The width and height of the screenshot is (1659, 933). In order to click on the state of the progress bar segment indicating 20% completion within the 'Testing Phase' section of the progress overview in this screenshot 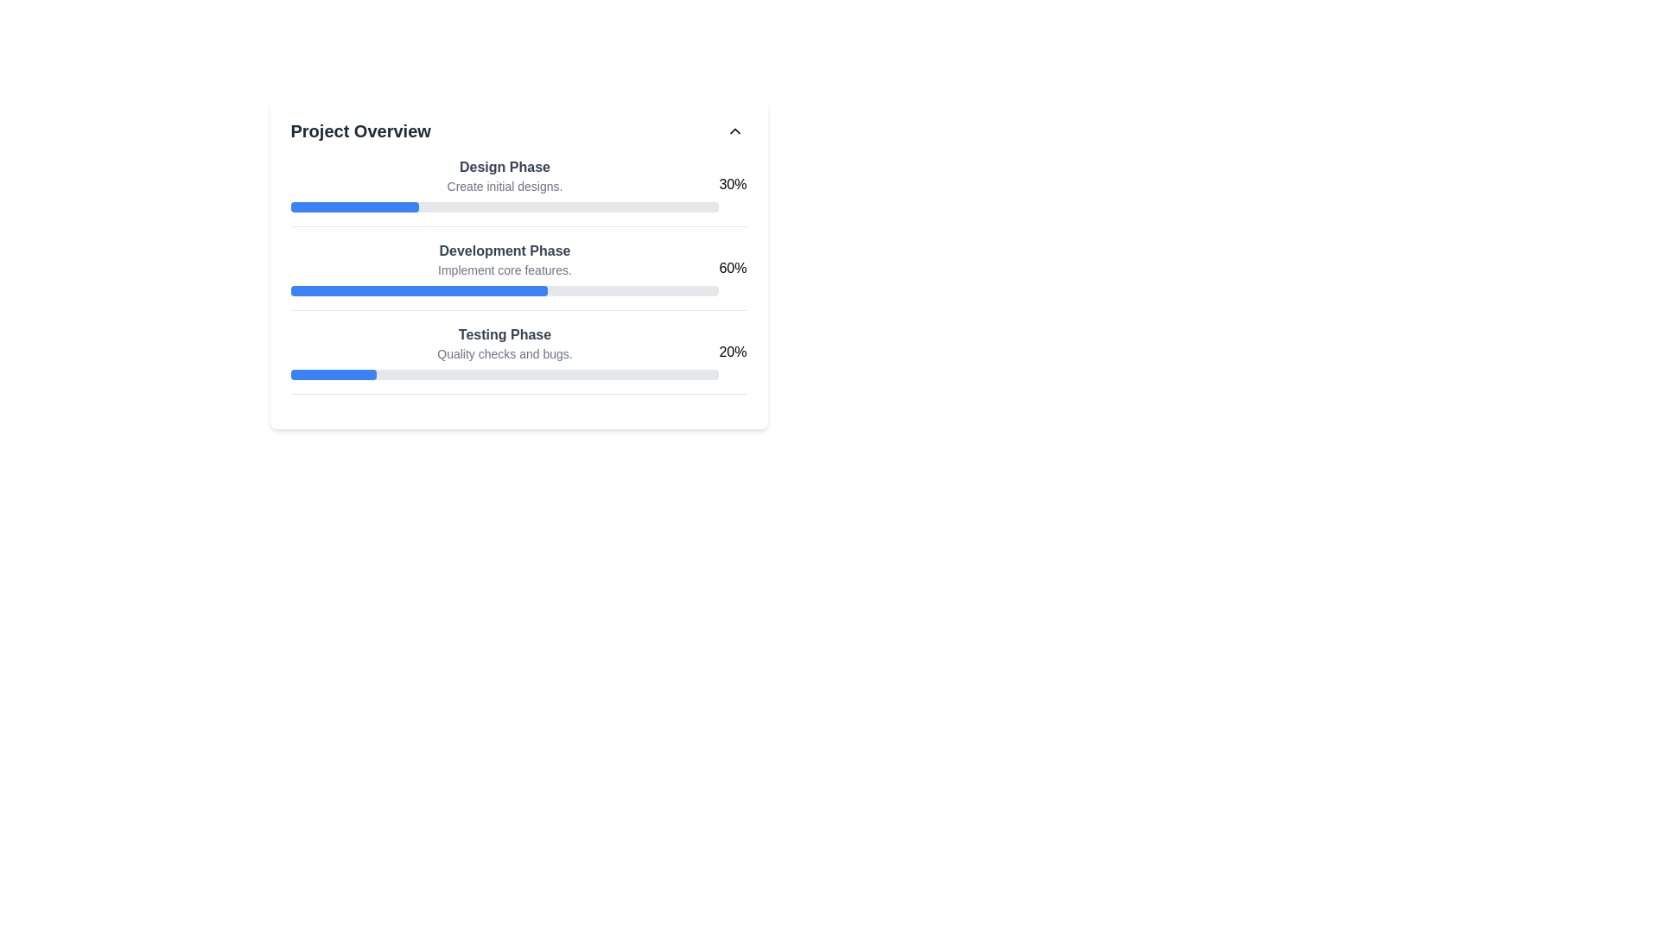, I will do `click(334, 374)`.